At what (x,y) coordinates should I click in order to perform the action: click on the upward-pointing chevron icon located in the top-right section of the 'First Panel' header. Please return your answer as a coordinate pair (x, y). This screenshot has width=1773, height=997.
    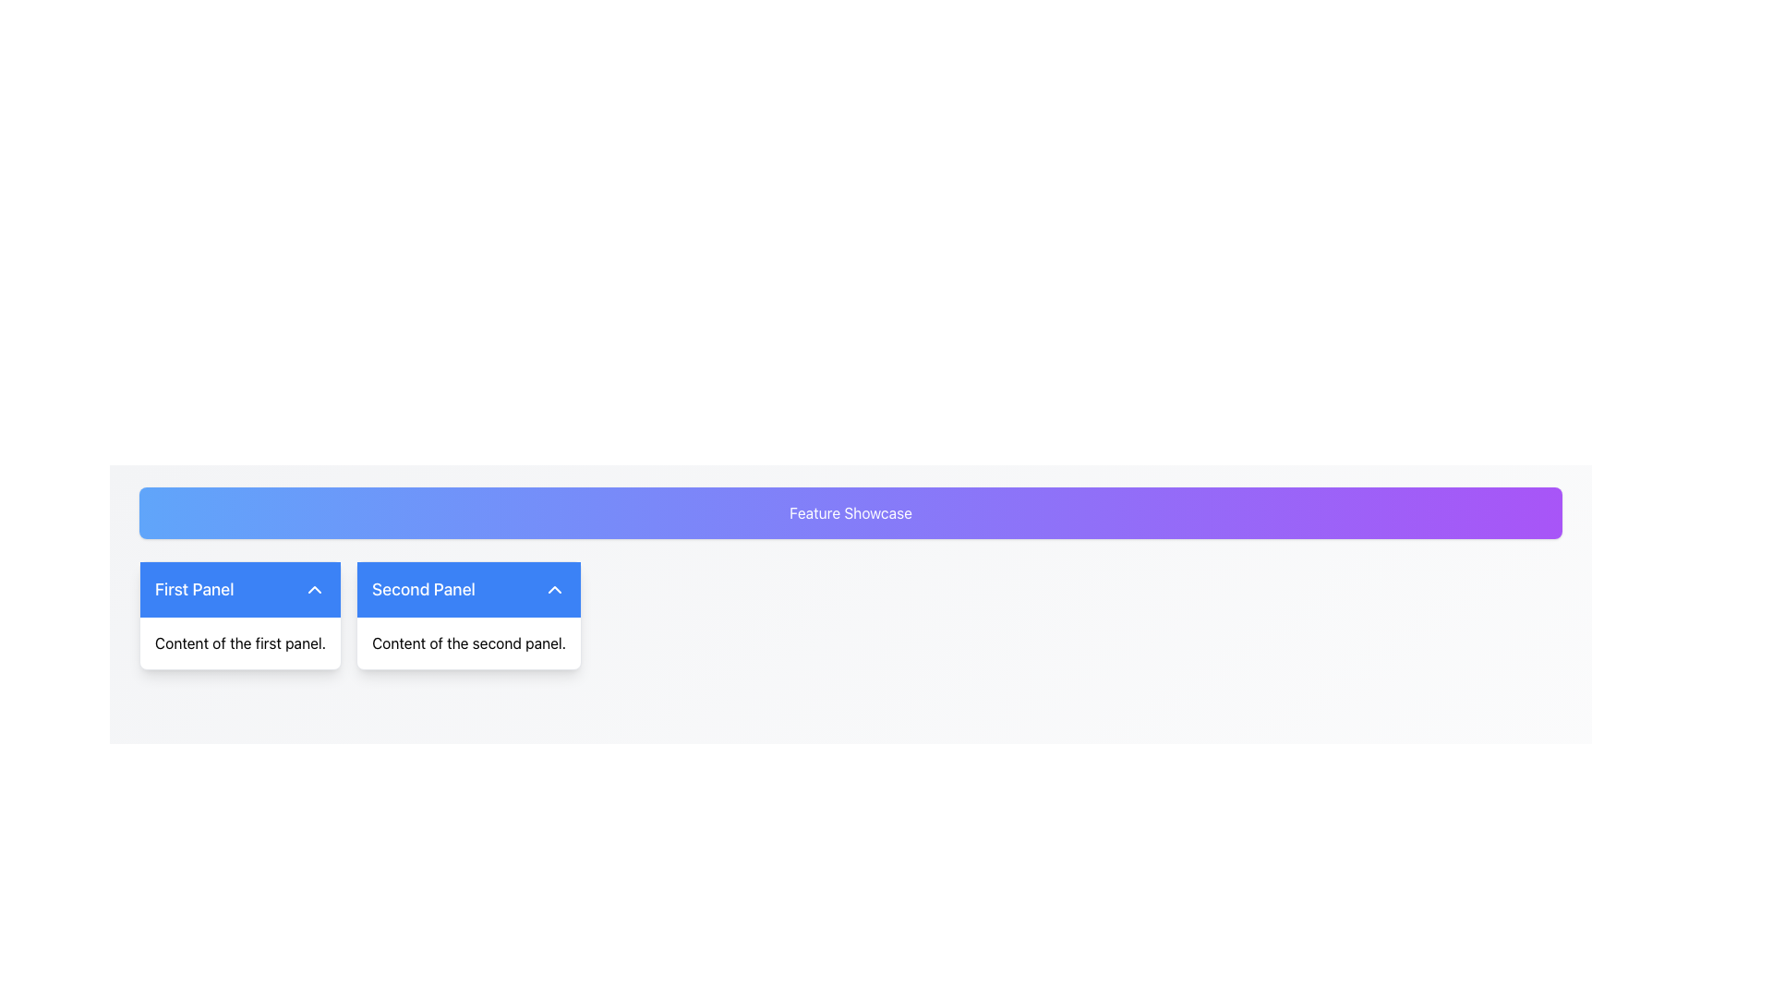
    Looking at the image, I should click on (314, 590).